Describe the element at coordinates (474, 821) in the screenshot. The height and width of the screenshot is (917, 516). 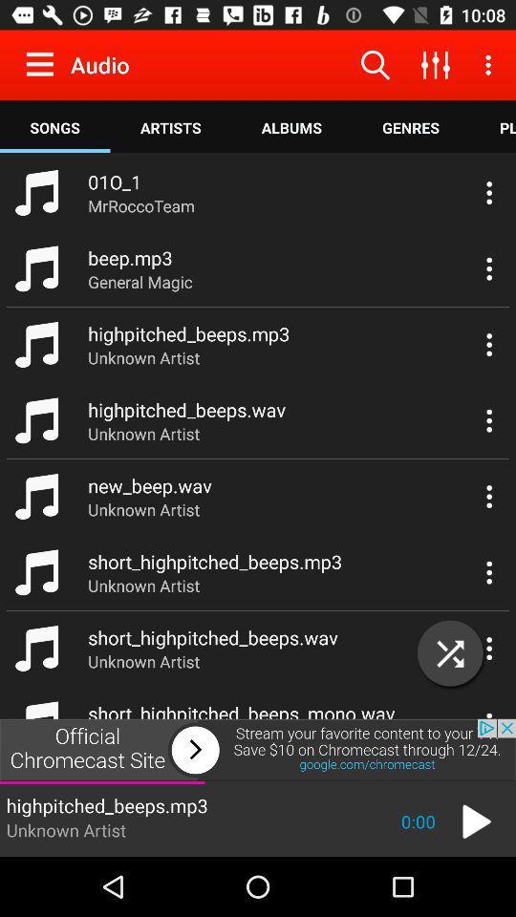
I see `the play icon` at that location.